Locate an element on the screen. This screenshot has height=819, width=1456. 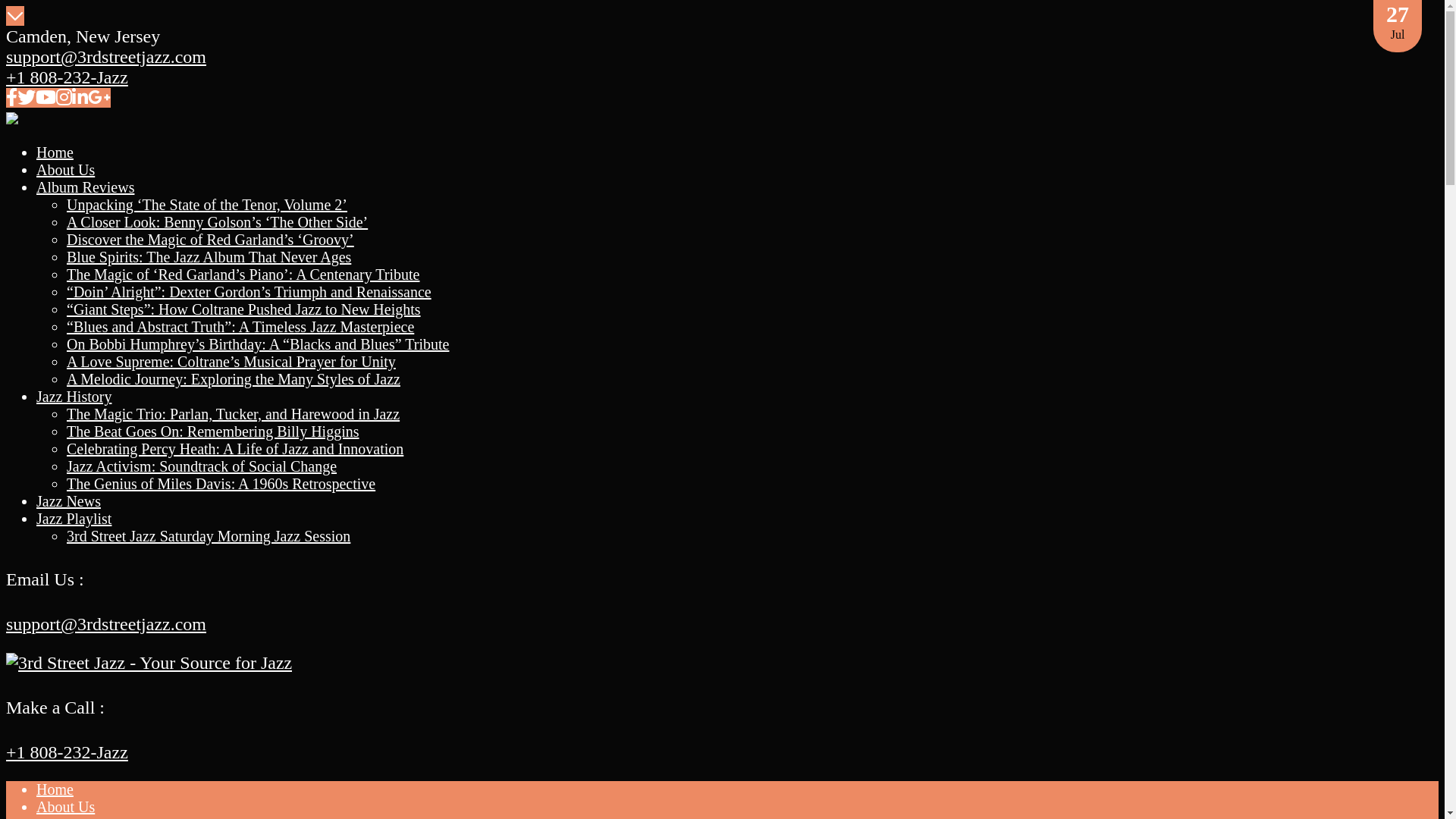
'support@3rdstreetjazz.com' is located at coordinates (105, 623).